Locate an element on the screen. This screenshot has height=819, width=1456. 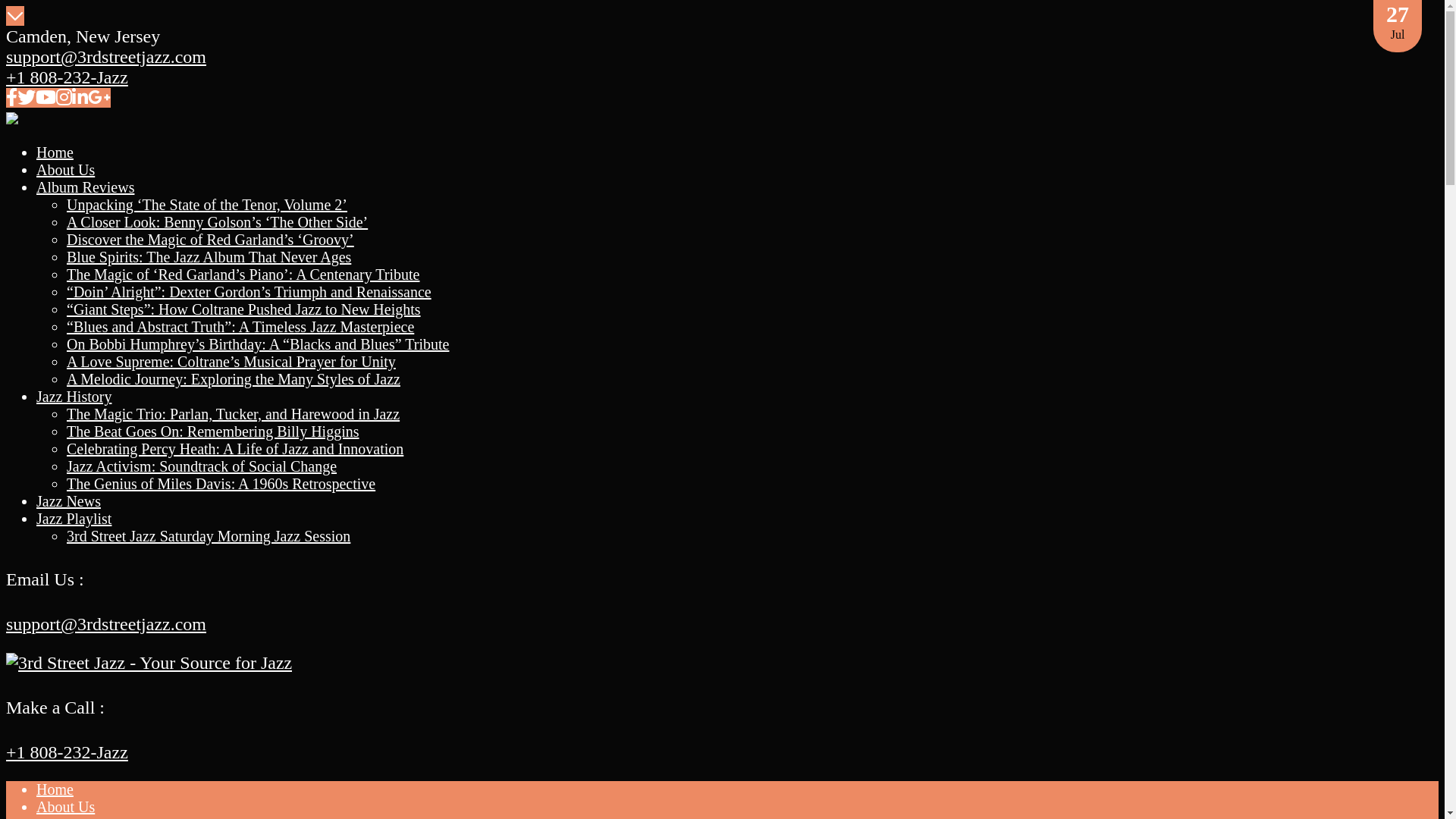
'support@3rdstreetjazz.com' is located at coordinates (105, 623).